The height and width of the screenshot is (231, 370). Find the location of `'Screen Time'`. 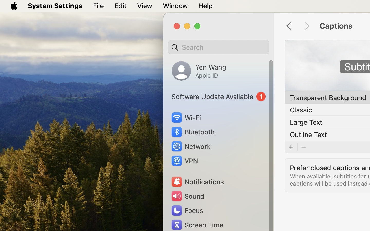

'Screen Time' is located at coordinates (197, 225).